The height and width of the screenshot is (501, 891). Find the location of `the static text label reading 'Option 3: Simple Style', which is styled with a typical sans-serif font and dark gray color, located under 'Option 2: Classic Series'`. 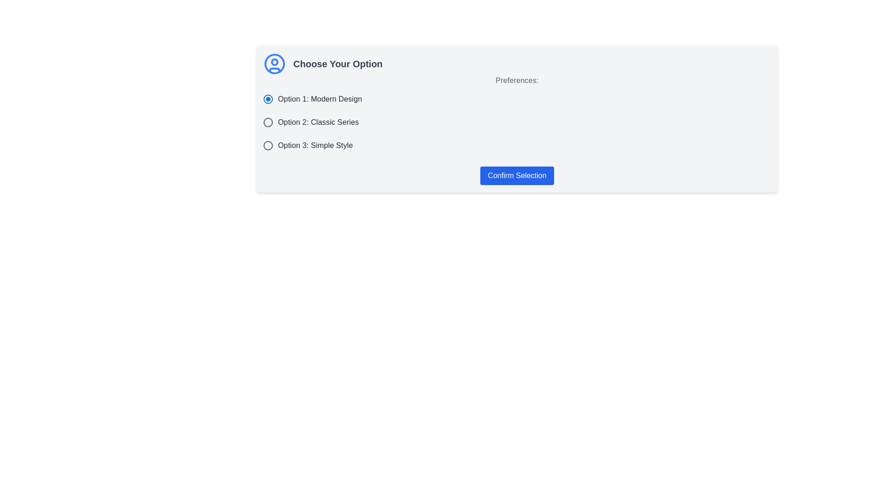

the static text label reading 'Option 3: Simple Style', which is styled with a typical sans-serif font and dark gray color, located under 'Option 2: Classic Series' is located at coordinates (315, 145).